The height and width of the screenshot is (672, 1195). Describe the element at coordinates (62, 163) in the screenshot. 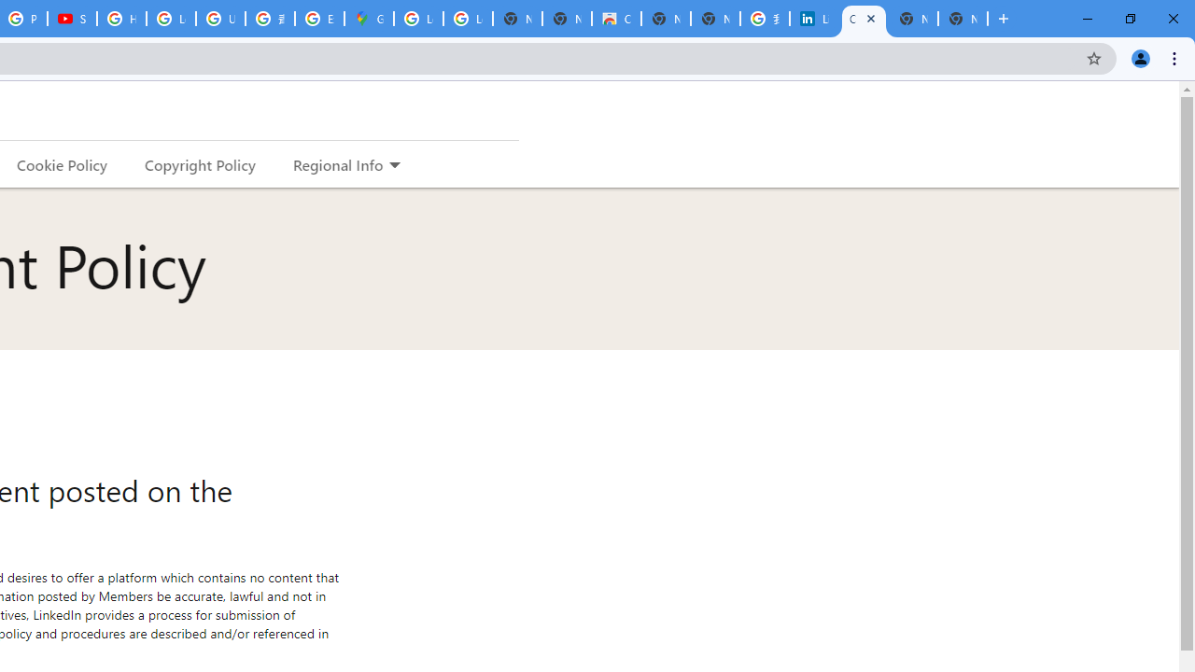

I see `'Cookie Policy'` at that location.